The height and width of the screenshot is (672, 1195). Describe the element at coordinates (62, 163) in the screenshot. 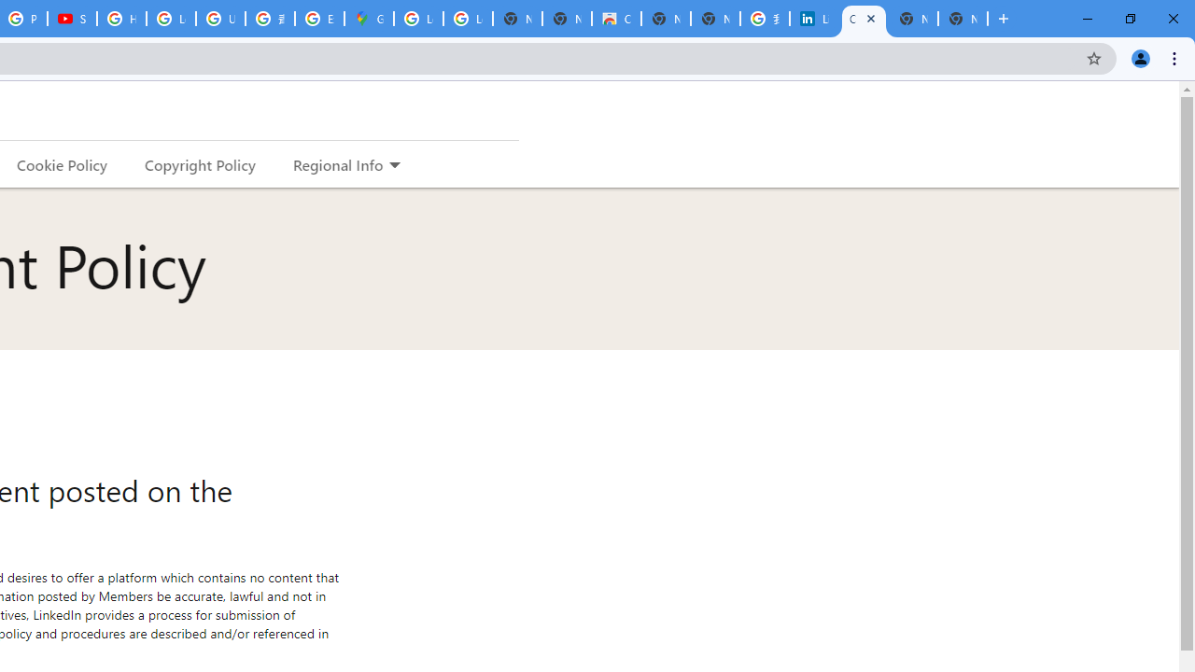

I see `'Cookie Policy'` at that location.